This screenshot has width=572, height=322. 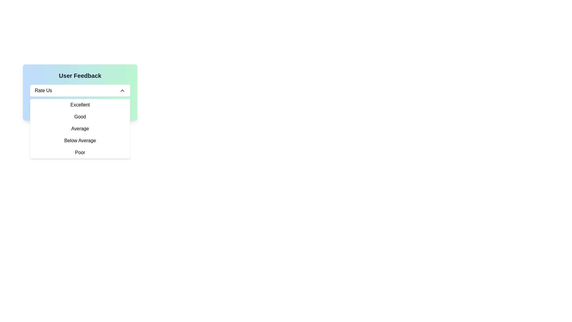 What do you see at coordinates (80, 91) in the screenshot?
I see `the 'Rate Us' dropdown menu` at bounding box center [80, 91].